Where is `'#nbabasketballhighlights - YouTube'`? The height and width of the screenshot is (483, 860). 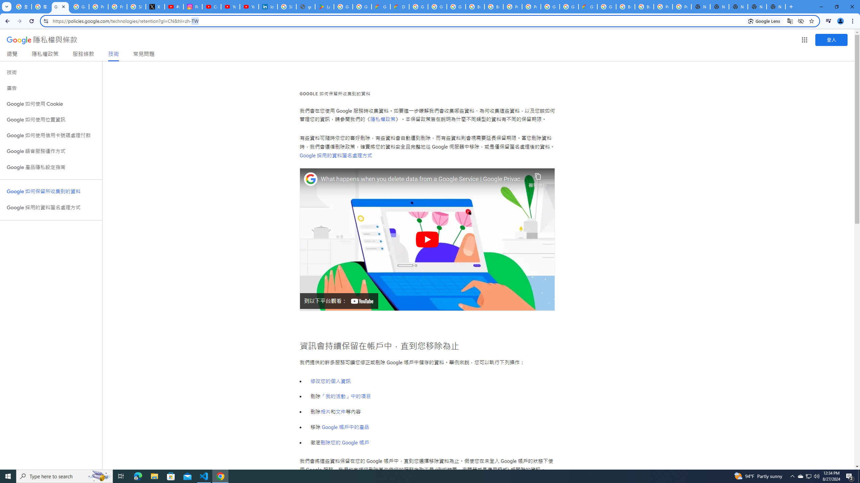 '#nbabasketballhighlights - YouTube' is located at coordinates (174, 6).